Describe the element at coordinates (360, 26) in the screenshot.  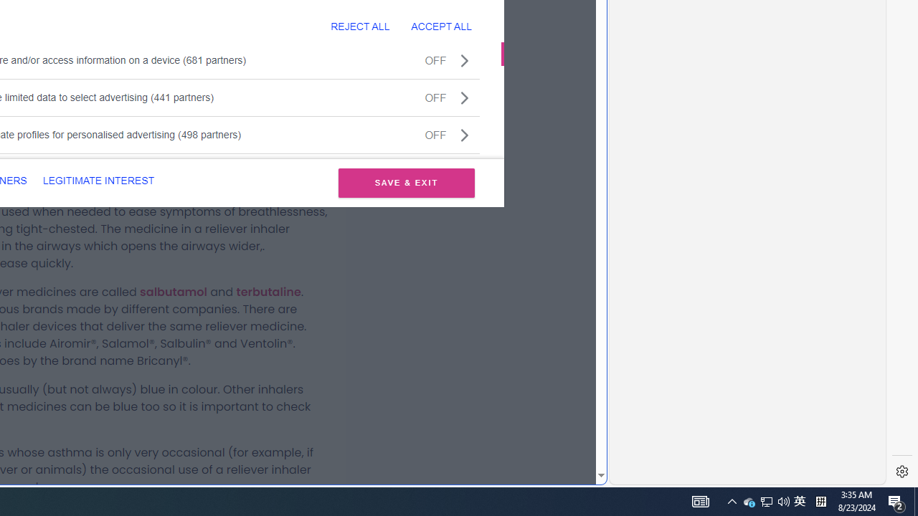
I see `'REJECT ALL'` at that location.